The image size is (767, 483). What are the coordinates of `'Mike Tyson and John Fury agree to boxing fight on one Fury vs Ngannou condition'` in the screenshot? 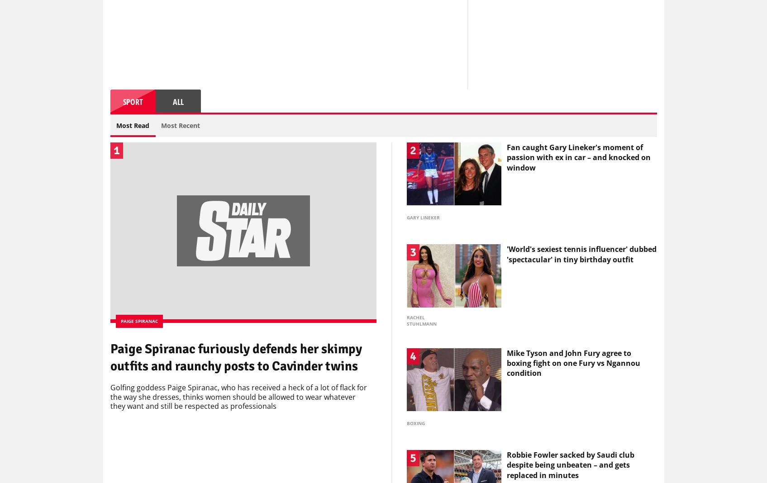 It's located at (506, 365).